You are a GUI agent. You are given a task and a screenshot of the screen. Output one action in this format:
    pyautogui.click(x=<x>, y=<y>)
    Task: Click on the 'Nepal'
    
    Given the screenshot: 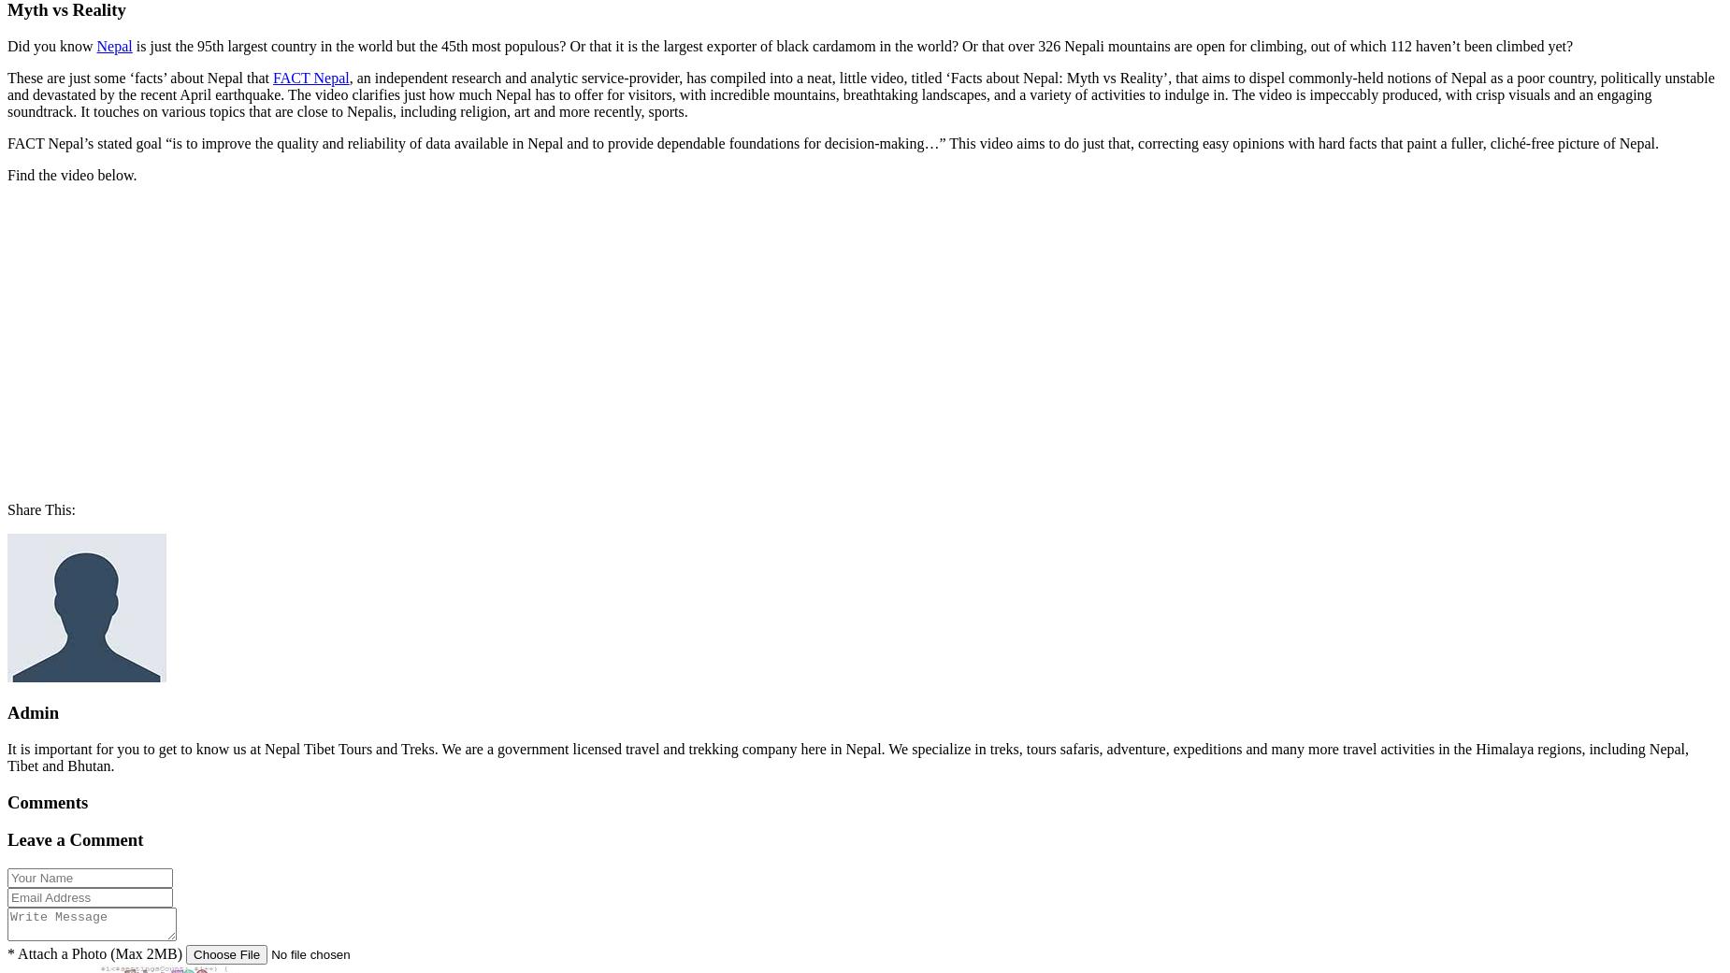 What is the action you would take?
    pyautogui.click(x=112, y=44)
    